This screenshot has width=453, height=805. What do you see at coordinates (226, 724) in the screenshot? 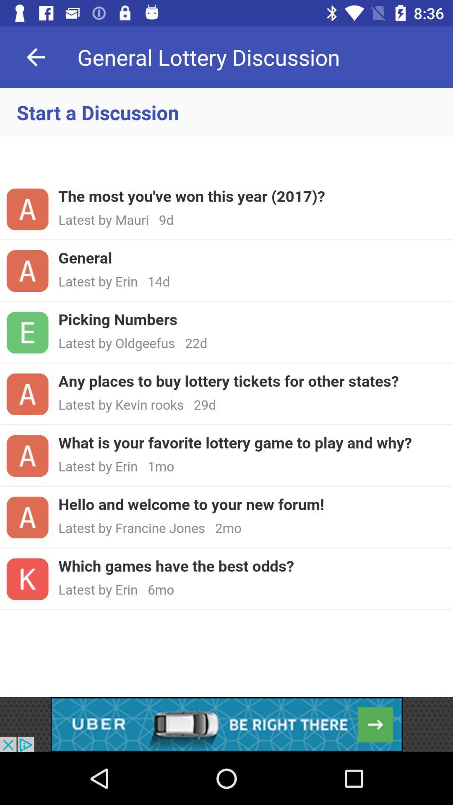
I see `advertisement` at bounding box center [226, 724].